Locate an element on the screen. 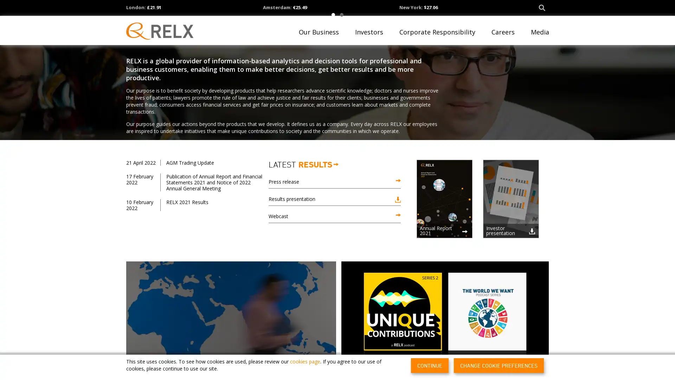 The image size is (675, 380). 1 is located at coordinates (333, 15).